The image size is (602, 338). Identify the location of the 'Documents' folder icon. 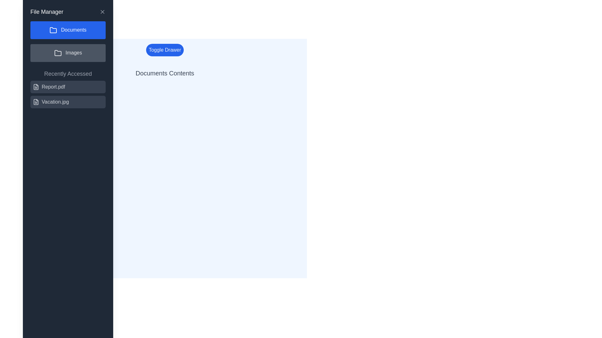
(53, 30).